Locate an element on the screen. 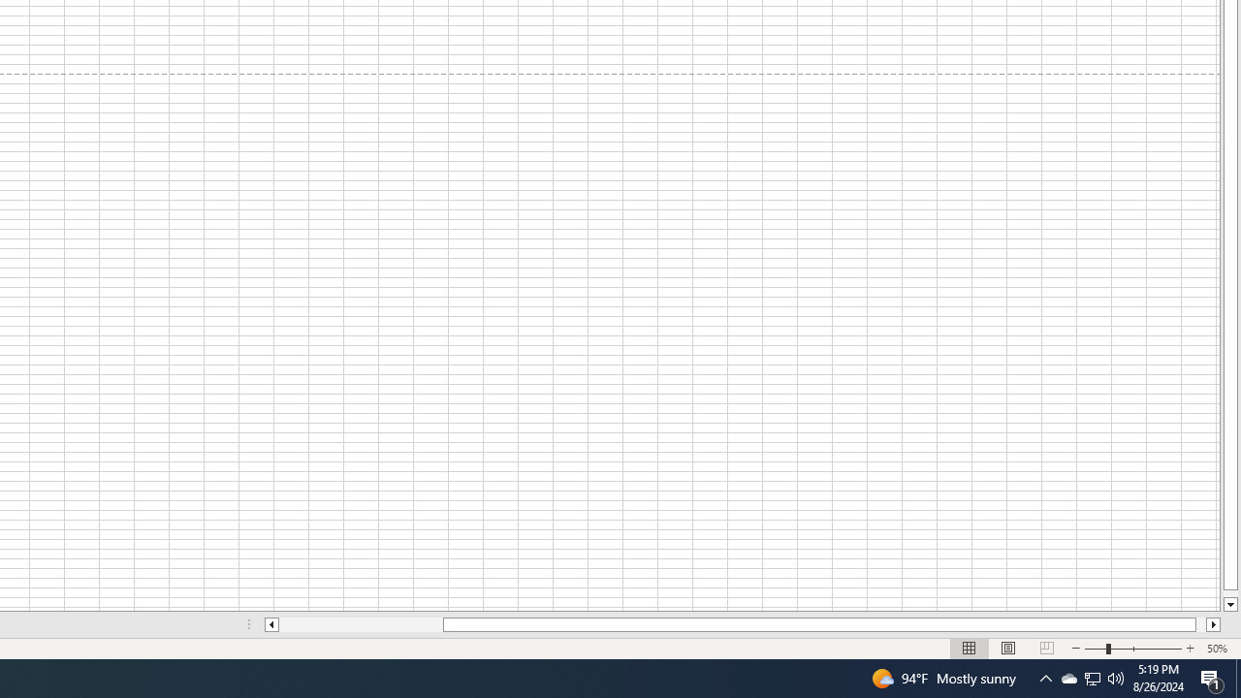 The image size is (1241, 698). 'Zoom Out' is located at coordinates (1095, 649).